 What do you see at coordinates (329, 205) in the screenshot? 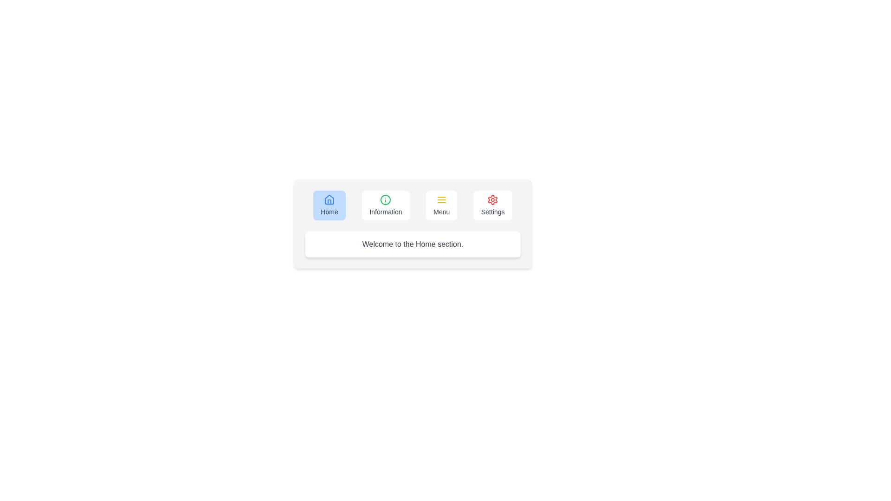
I see `the home navigation button, which is the first button from the left in the row of navigation buttons at the top of the panel` at bounding box center [329, 205].